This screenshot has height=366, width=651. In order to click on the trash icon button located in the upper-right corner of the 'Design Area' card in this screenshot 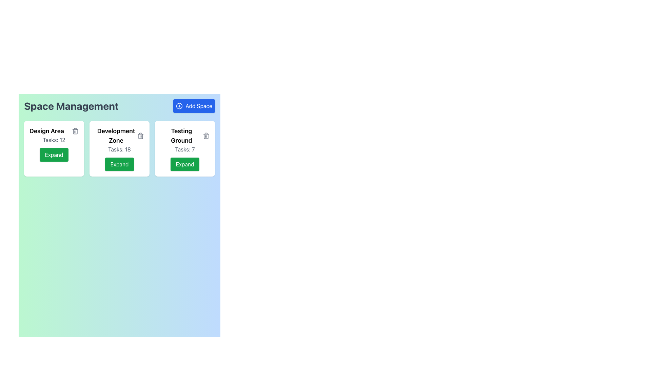, I will do `click(75, 131)`.